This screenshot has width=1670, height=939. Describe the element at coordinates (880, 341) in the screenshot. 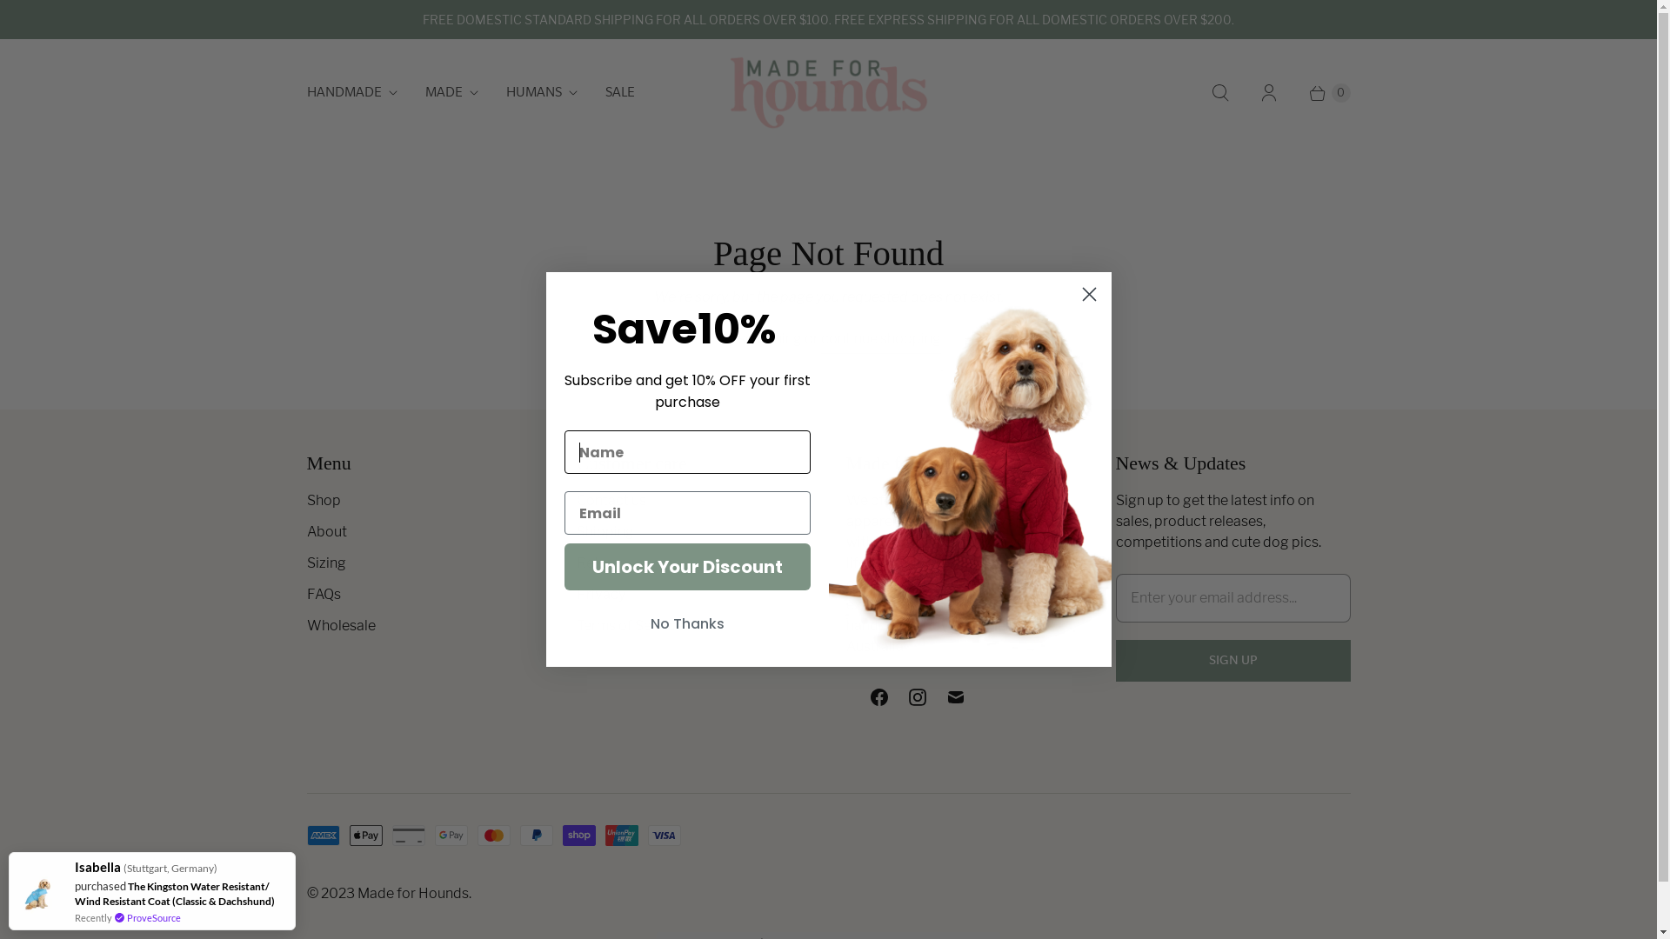

I see `'continue shopping'` at that location.